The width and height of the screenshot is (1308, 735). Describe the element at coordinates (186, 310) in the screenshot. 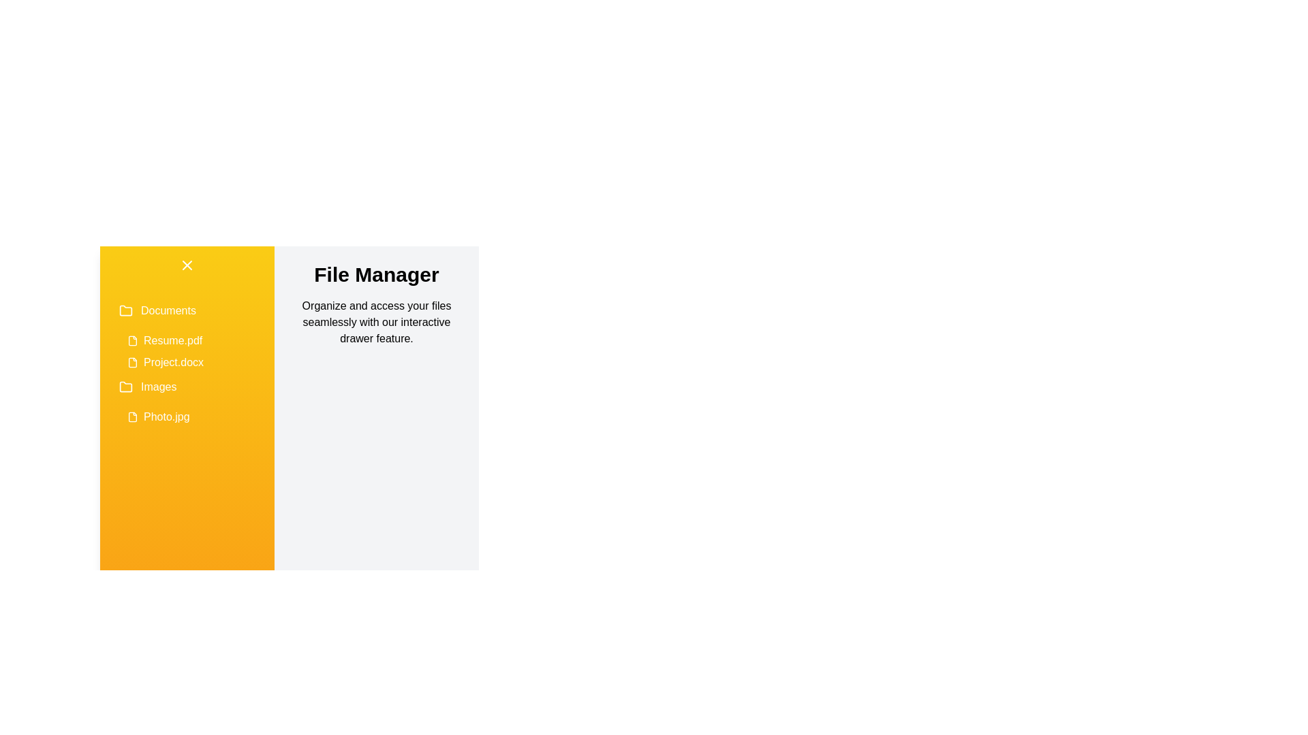

I see `the folder named Documents to expand or collapse its contents` at that location.